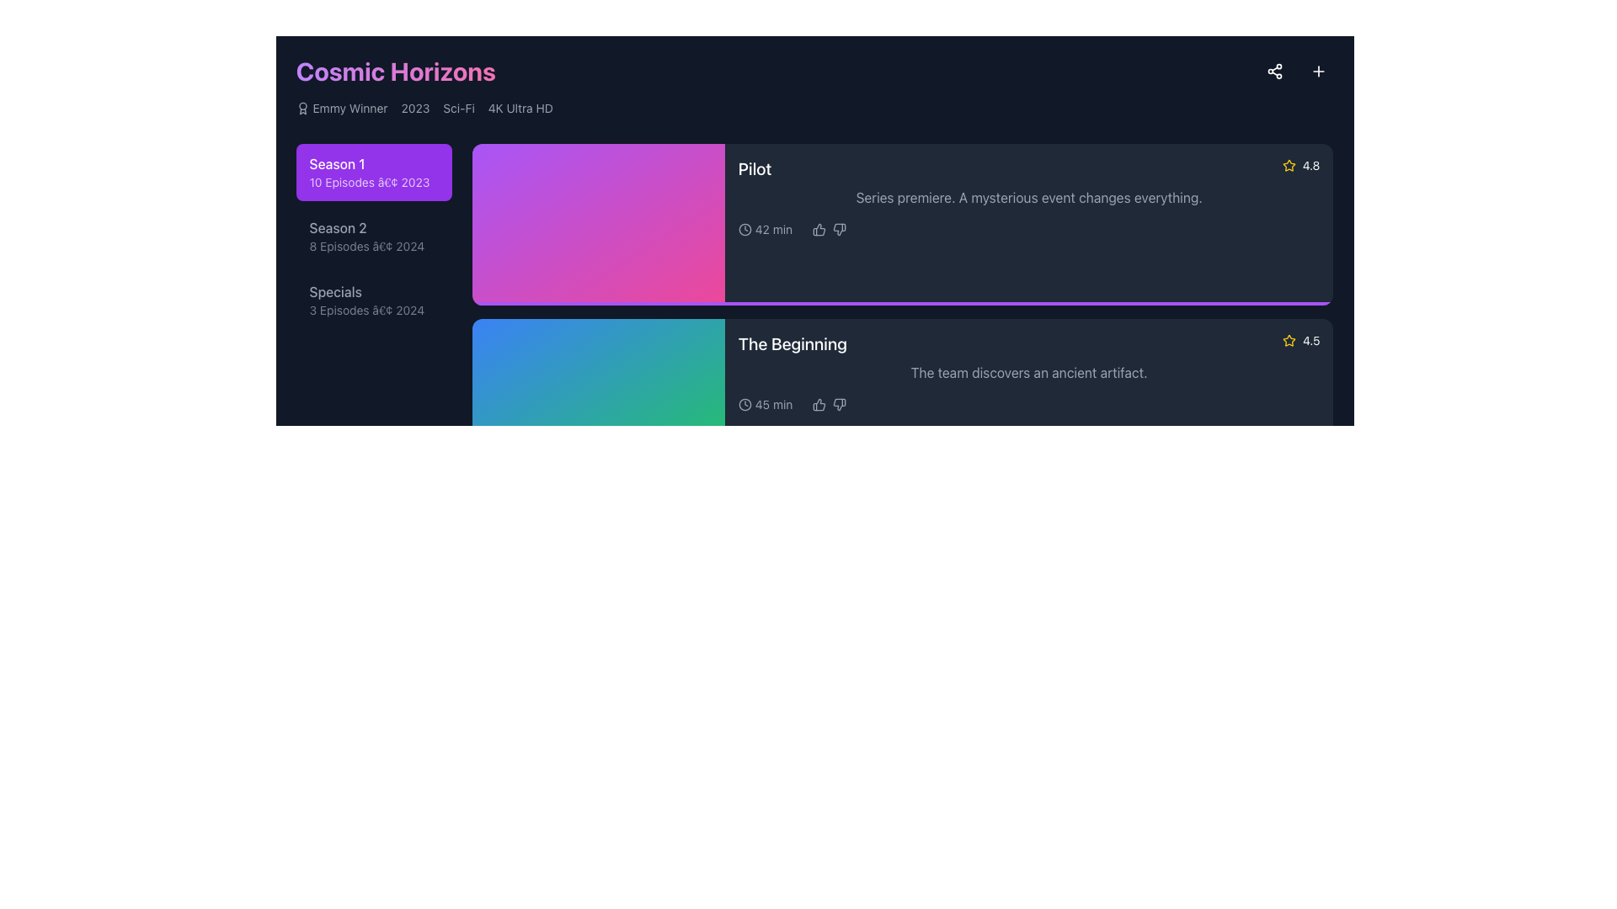 Image resolution: width=1617 pixels, height=909 pixels. Describe the element at coordinates (744, 230) in the screenshot. I see `the circular boundary of the clock icon located to the left of the '42 min' text in the 'Pilot' listing, as it serves as an interactive indicator for time-related information` at that location.